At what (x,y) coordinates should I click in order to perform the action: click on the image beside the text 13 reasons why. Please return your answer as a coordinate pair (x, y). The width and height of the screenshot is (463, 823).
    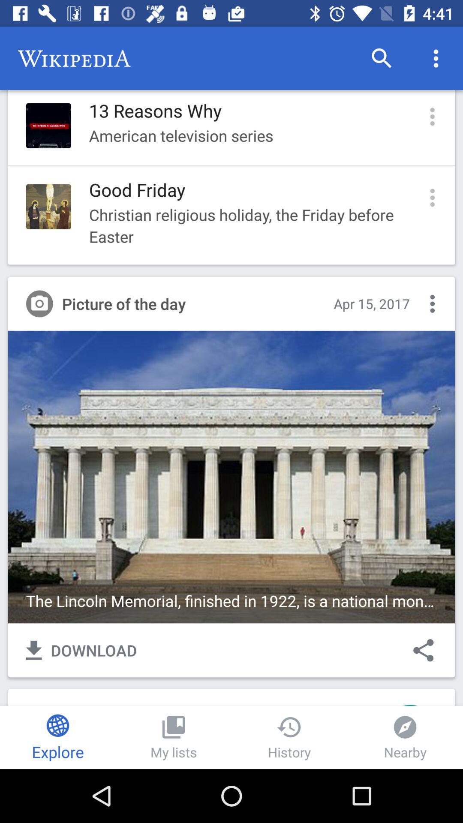
    Looking at the image, I should click on (48, 125).